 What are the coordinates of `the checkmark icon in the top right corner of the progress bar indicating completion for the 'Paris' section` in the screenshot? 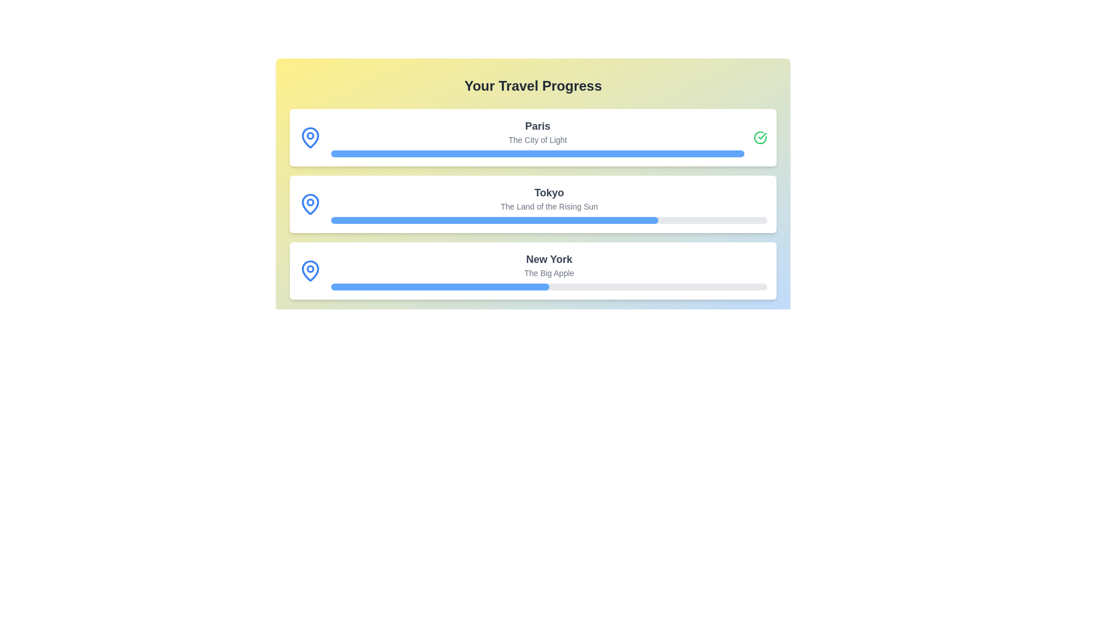 It's located at (762, 135).